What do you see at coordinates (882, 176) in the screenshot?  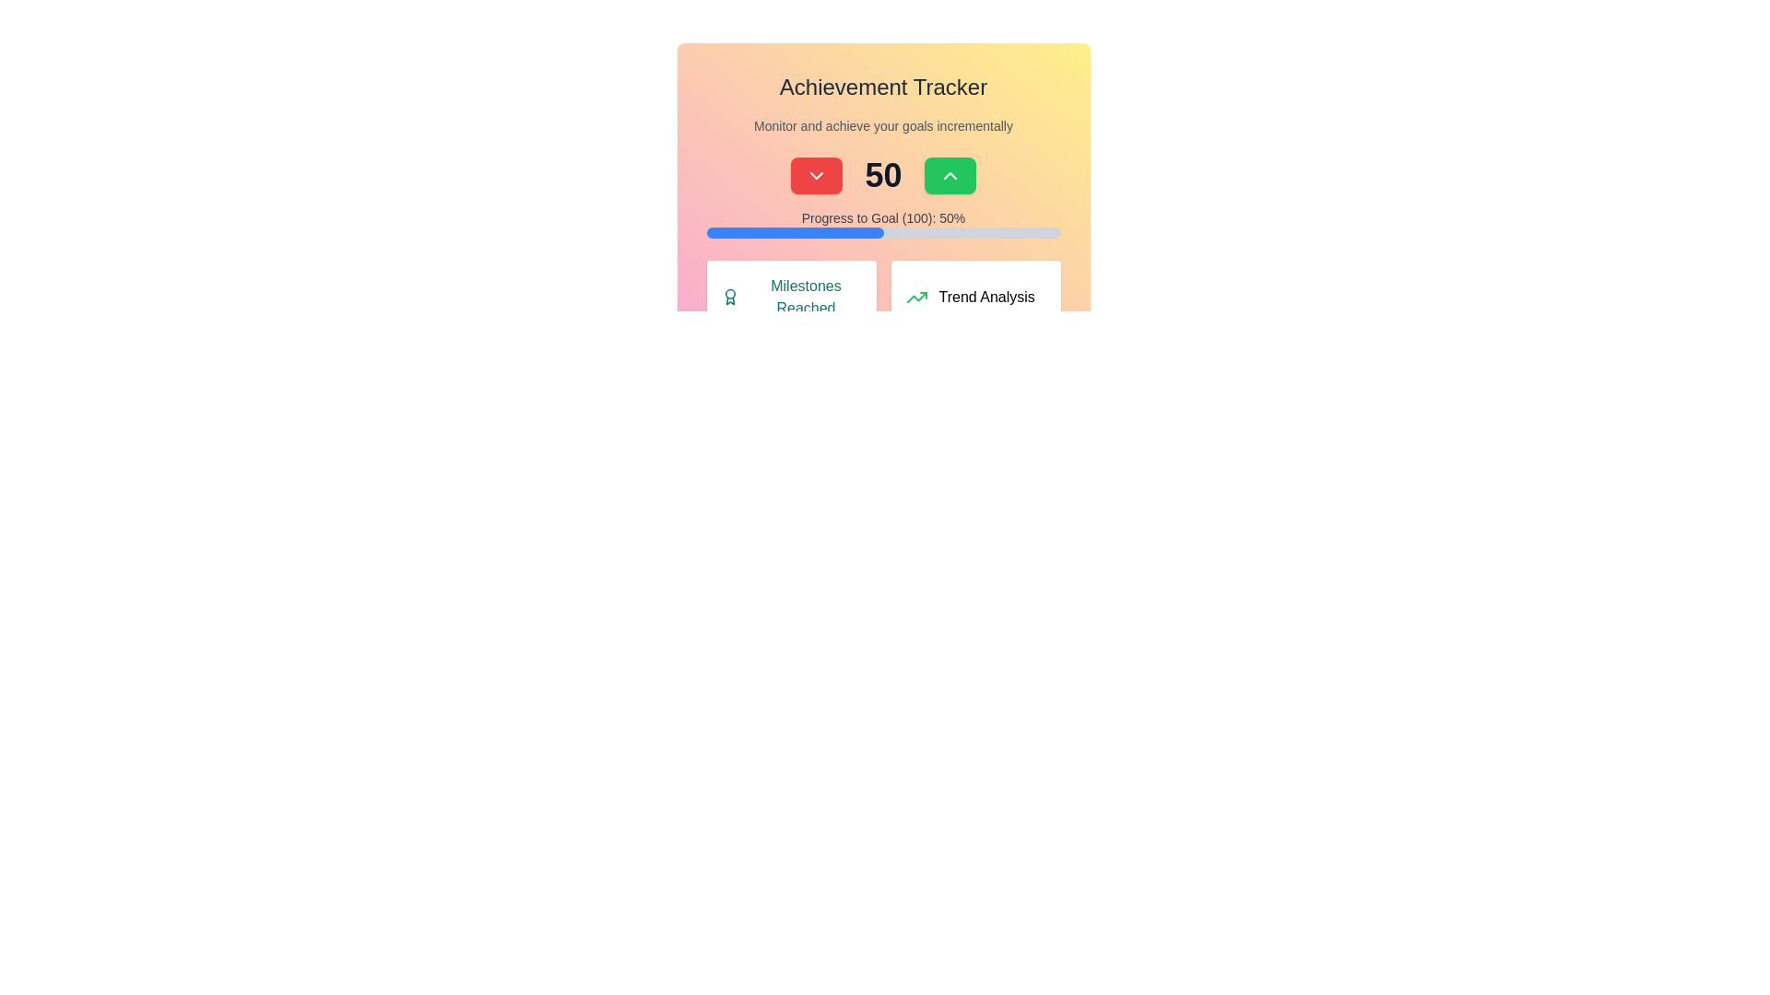 I see `the bold, large-sized text displaying the number '50', which is centrally aligned in the upper-middle section of the interface below the title 'Achievement Tracker'` at bounding box center [882, 176].